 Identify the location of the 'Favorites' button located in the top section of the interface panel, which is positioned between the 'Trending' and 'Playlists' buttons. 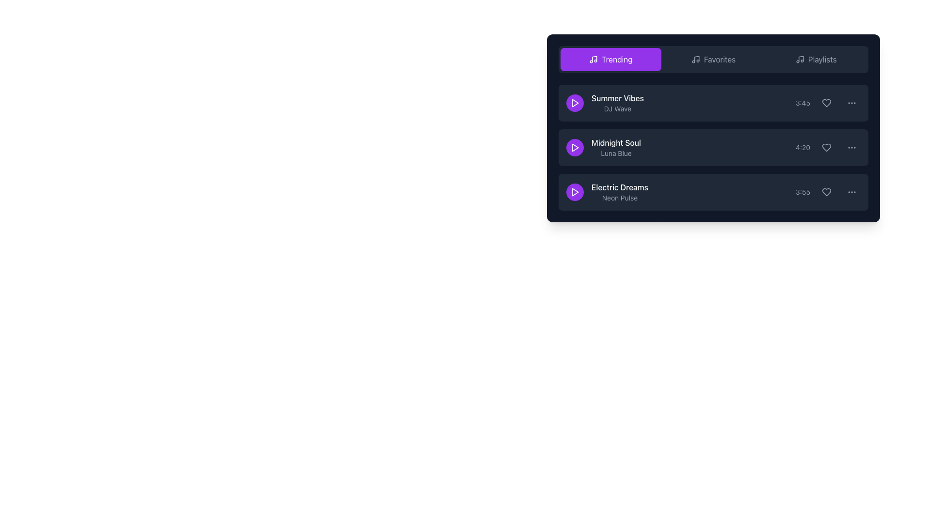
(719, 60).